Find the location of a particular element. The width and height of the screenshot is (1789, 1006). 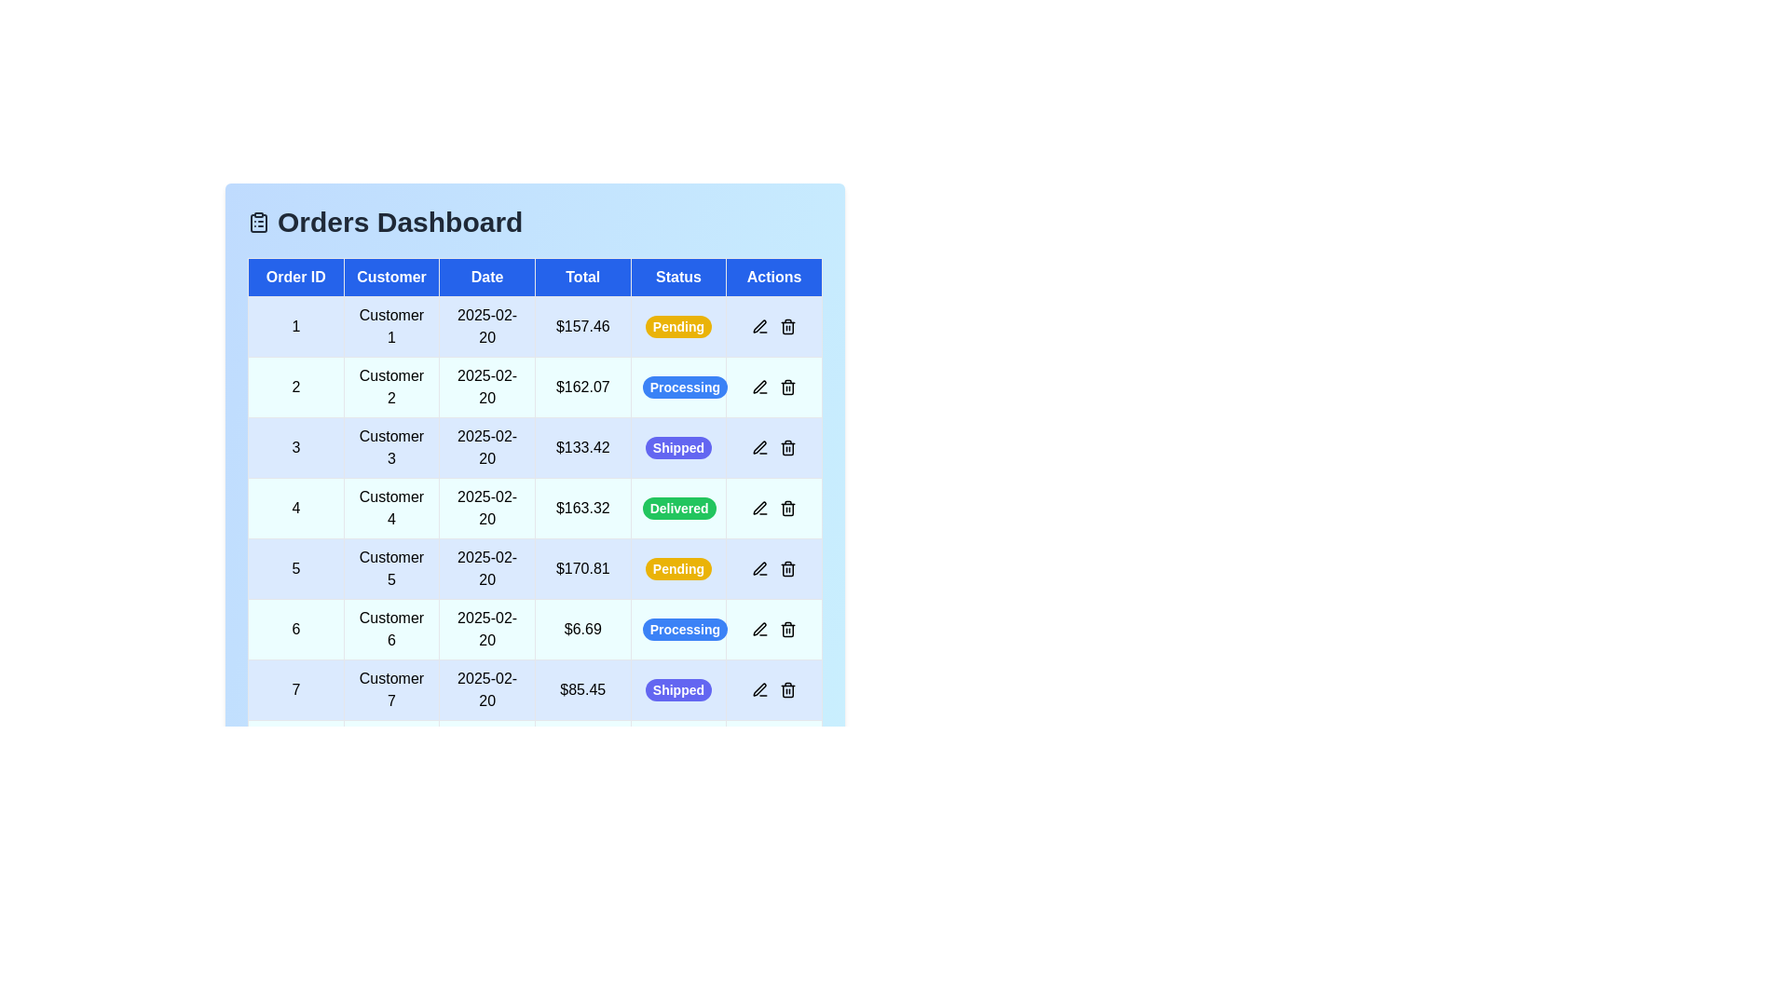

the edit icon in the 'Actions' column for the order with ID 2 is located at coordinates (760, 387).